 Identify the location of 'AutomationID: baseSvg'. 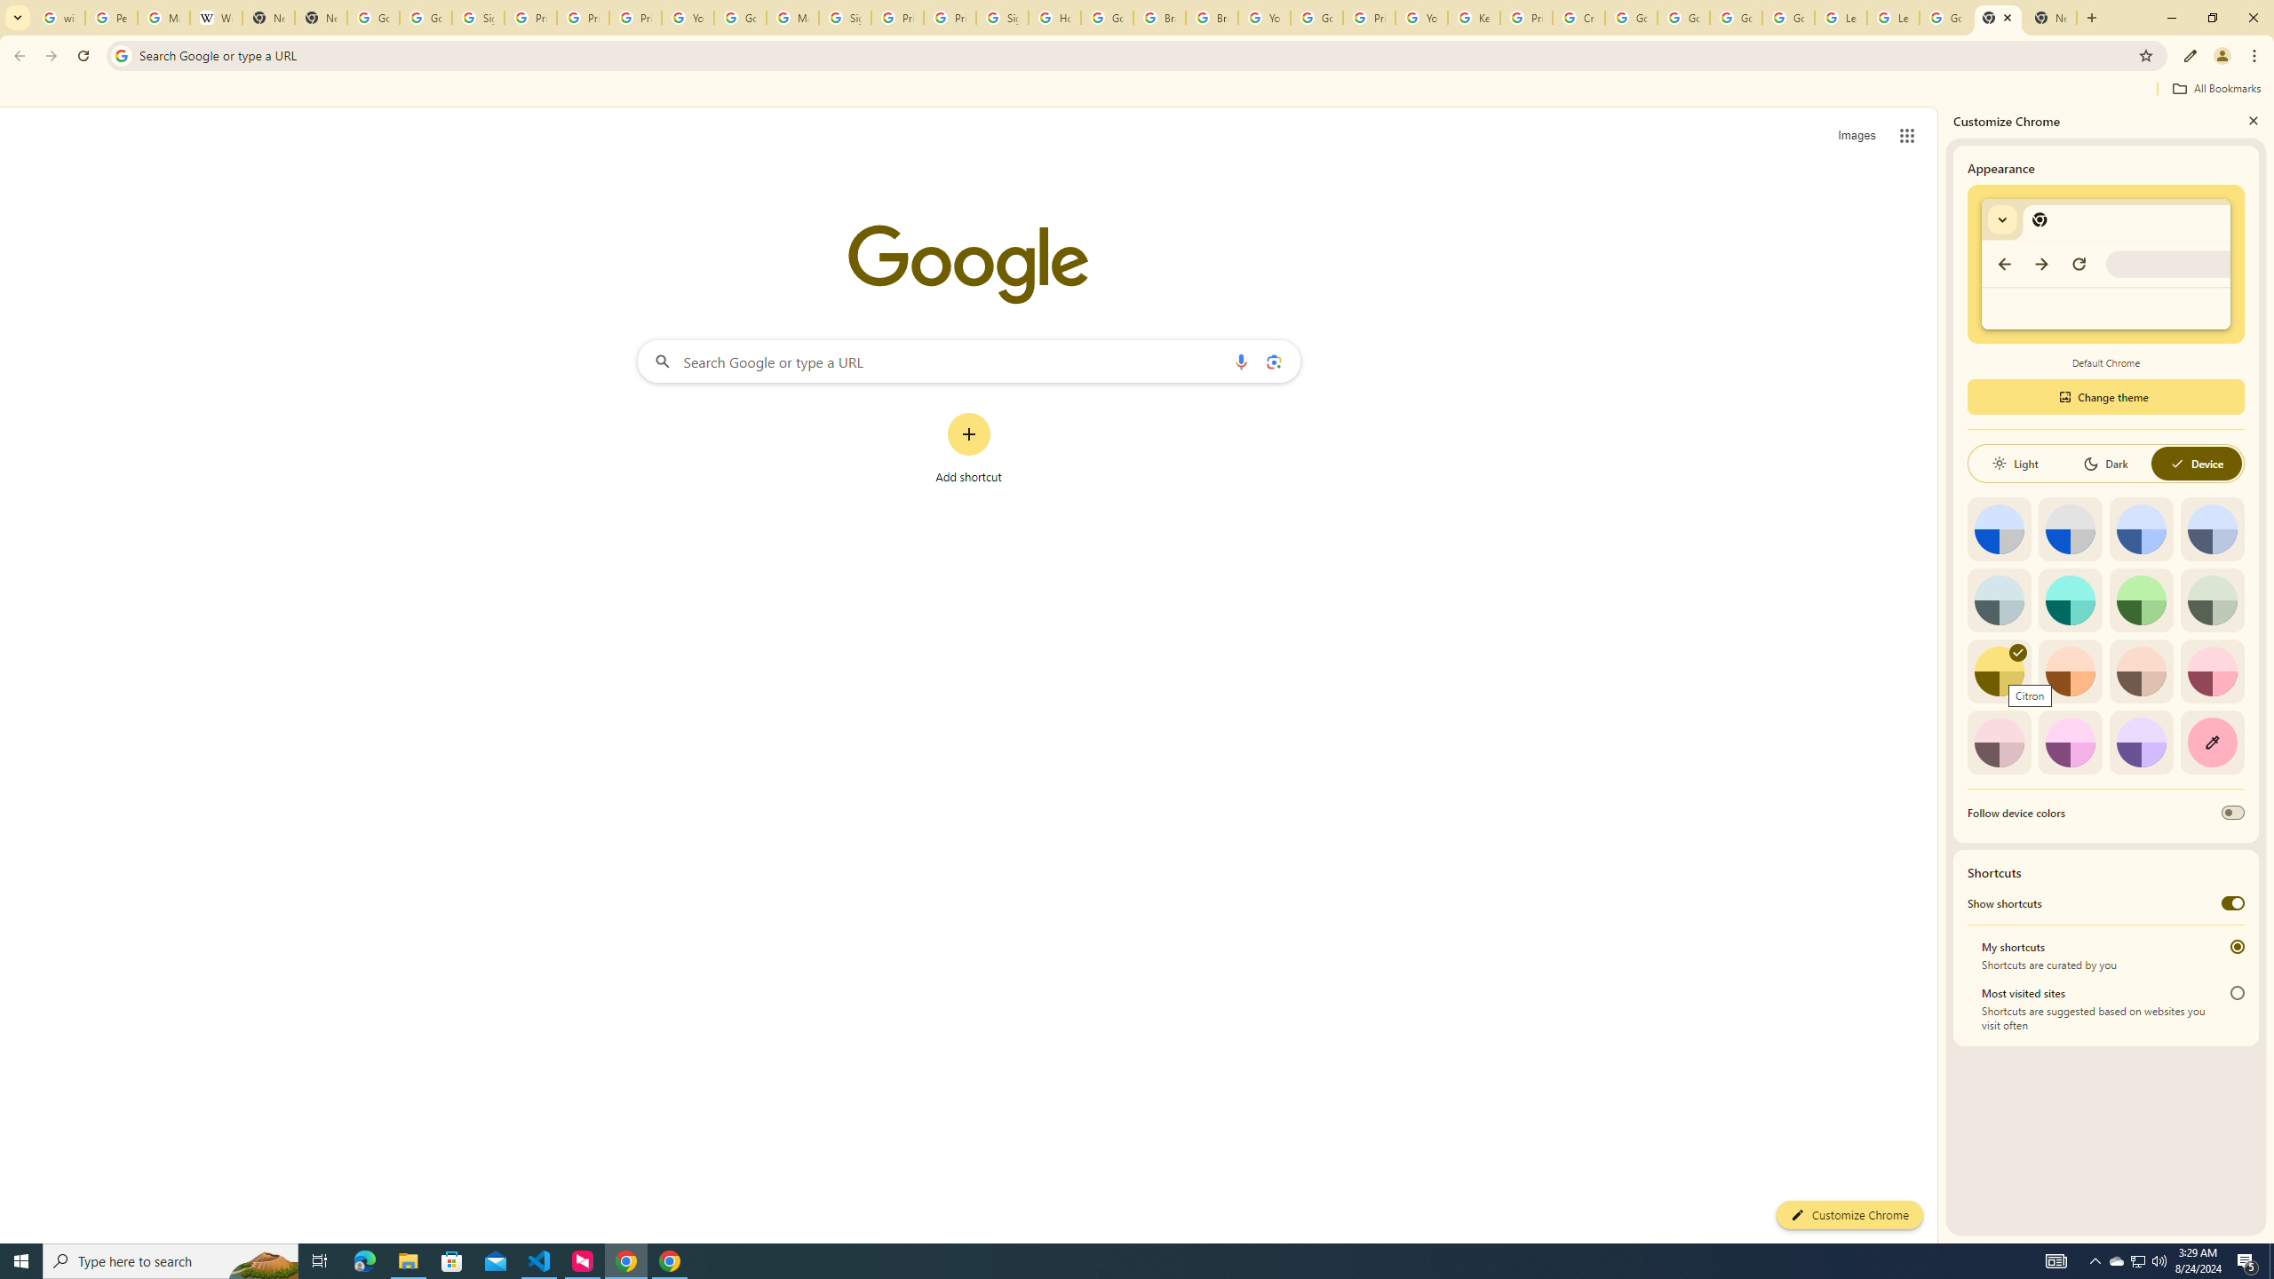
(2176, 463).